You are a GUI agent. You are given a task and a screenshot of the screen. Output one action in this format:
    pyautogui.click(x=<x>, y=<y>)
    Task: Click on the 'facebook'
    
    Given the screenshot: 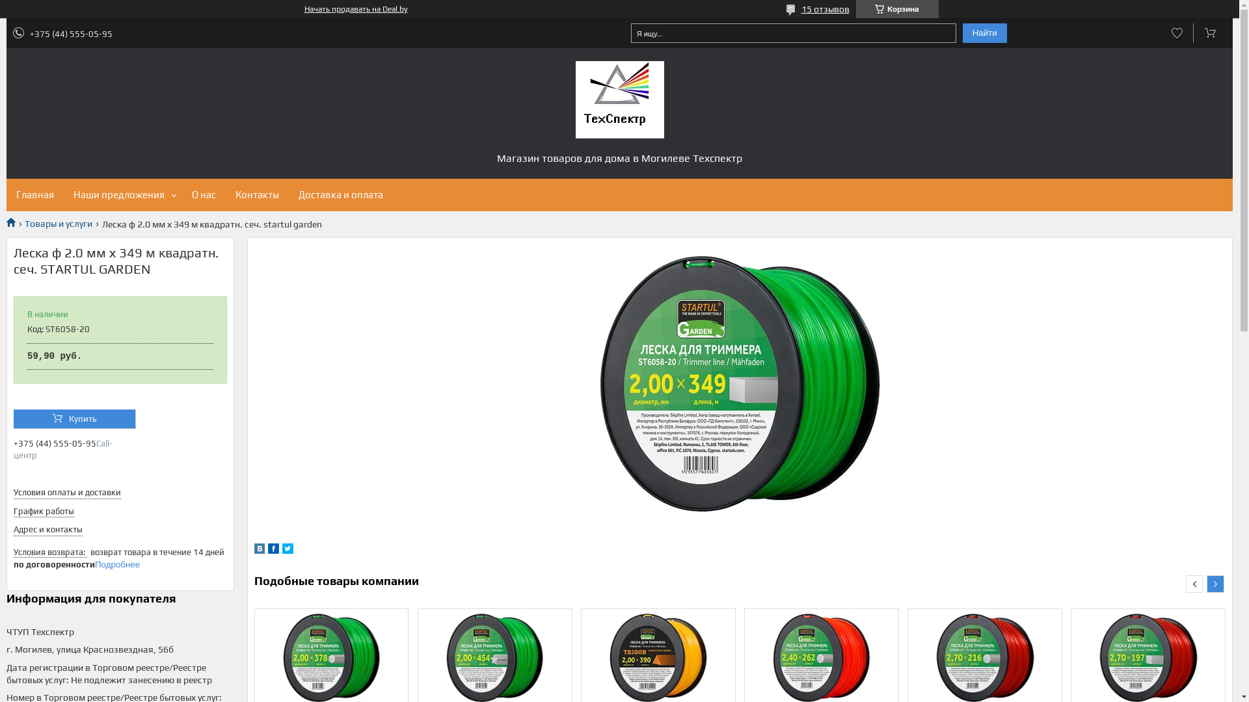 What is the action you would take?
    pyautogui.click(x=267, y=551)
    